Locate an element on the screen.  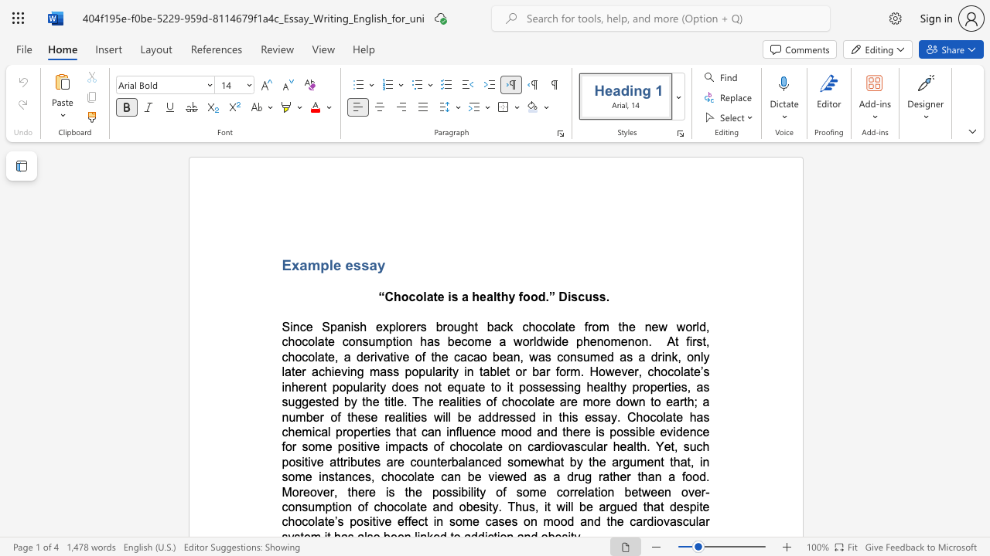
the subset text "xample essa" within the text "Example essay" is located at coordinates (291, 264).